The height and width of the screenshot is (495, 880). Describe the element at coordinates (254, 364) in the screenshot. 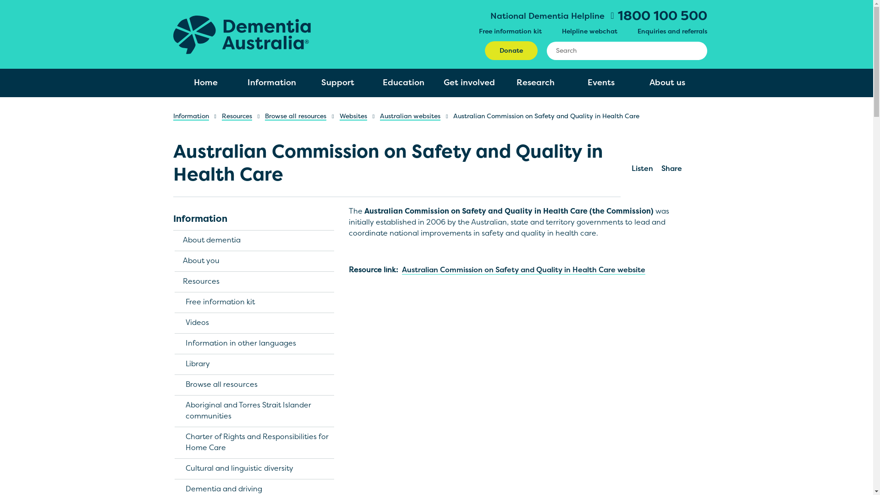

I see `'Library'` at that location.